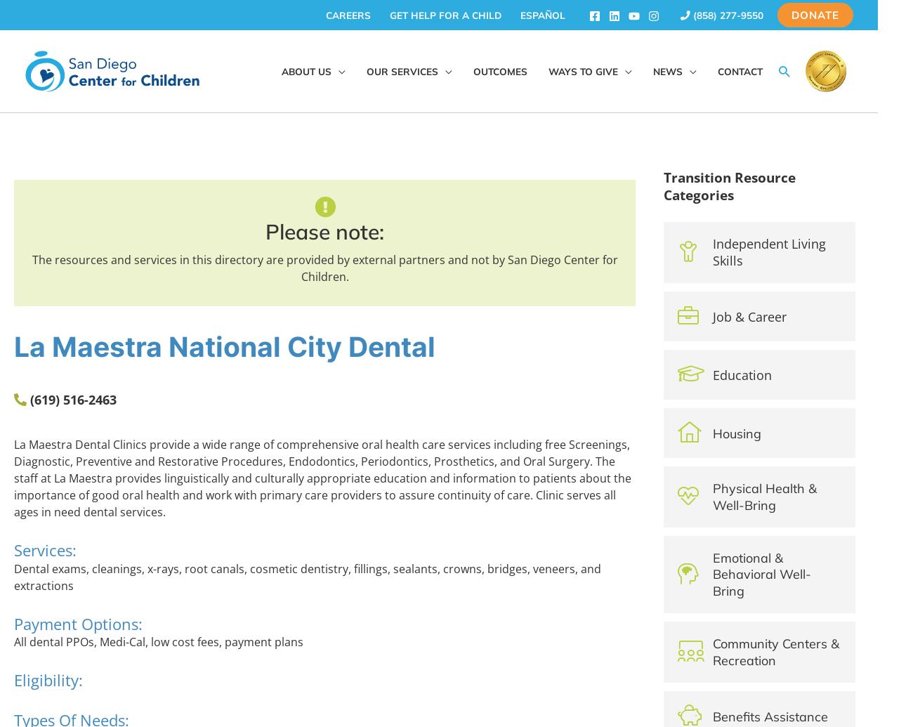 The height and width of the screenshot is (727, 913). I want to click on 'Services:', so click(45, 549).